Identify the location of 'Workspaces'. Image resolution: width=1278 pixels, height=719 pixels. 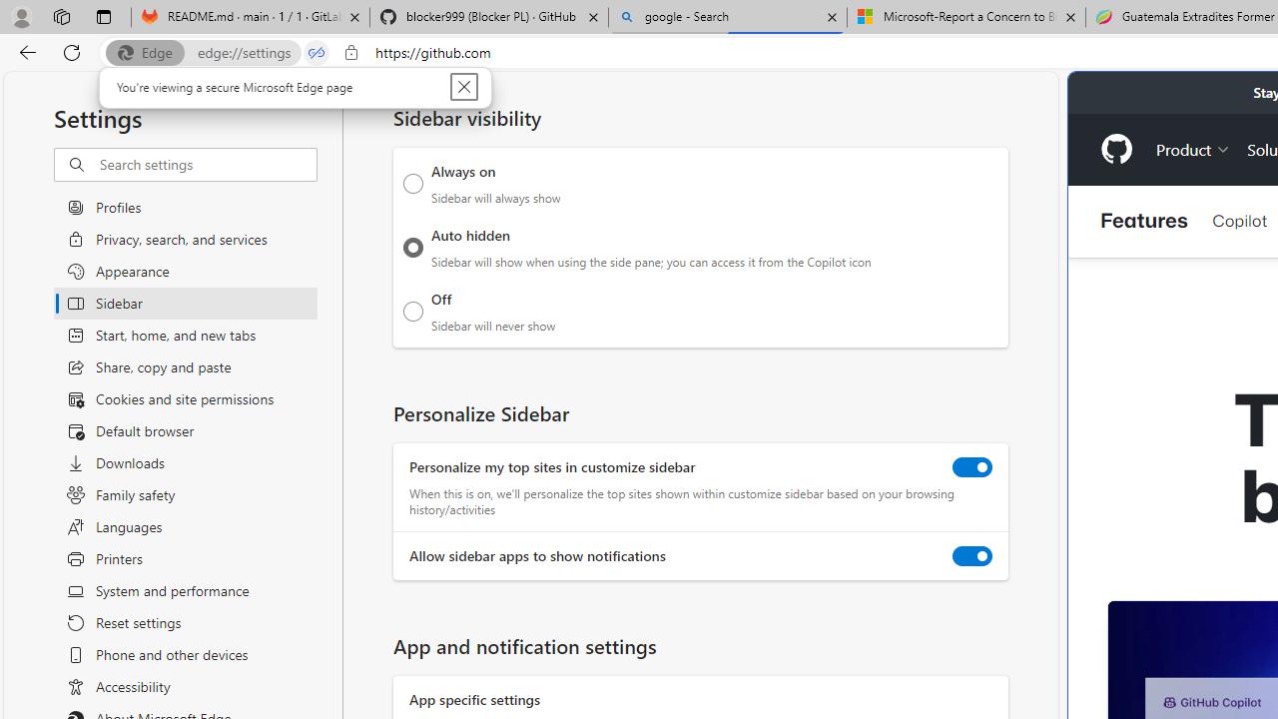
(61, 16).